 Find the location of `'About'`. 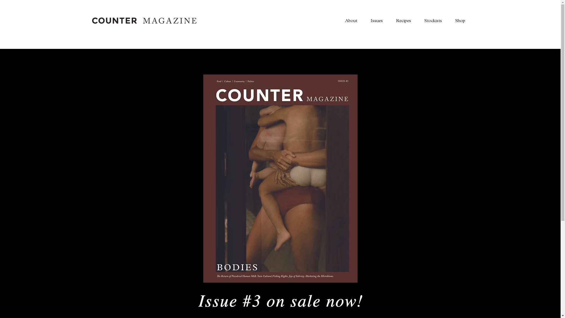

'About' is located at coordinates (338, 20).